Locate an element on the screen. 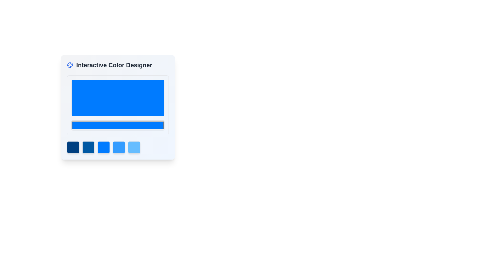 This screenshot has width=488, height=274. the central button is located at coordinates (103, 147).